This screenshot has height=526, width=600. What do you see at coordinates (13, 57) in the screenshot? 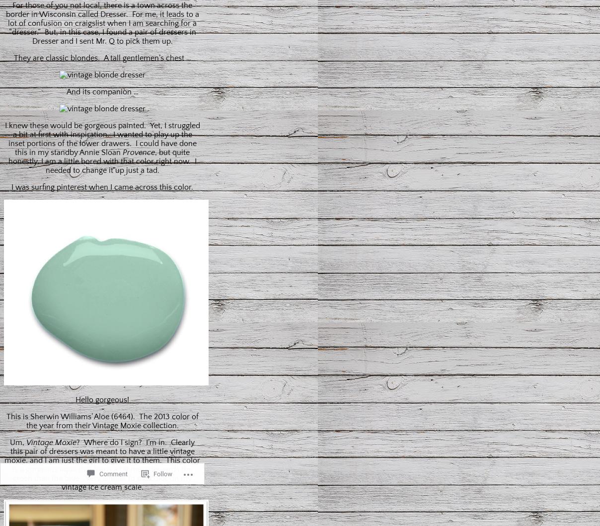
I see `'They are classic blondes.  A tall gentlemen’s chest …'` at bounding box center [13, 57].